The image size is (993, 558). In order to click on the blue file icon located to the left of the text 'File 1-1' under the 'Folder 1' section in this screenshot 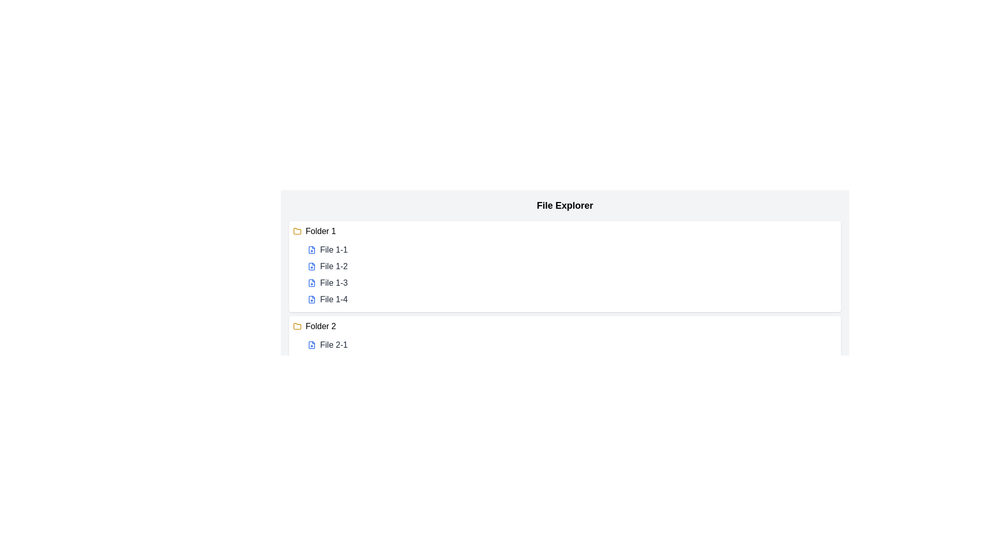, I will do `click(311, 250)`.